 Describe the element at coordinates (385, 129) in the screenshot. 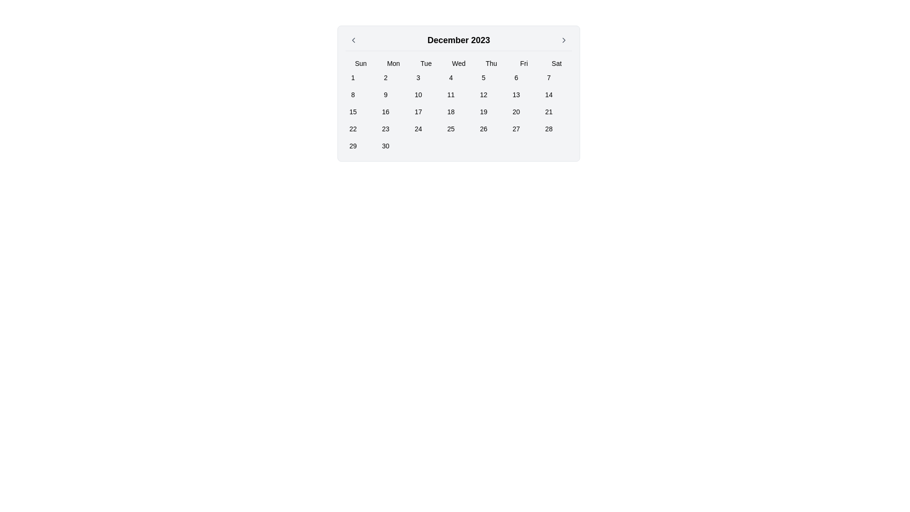

I see `the calendar day button displaying '23'` at that location.